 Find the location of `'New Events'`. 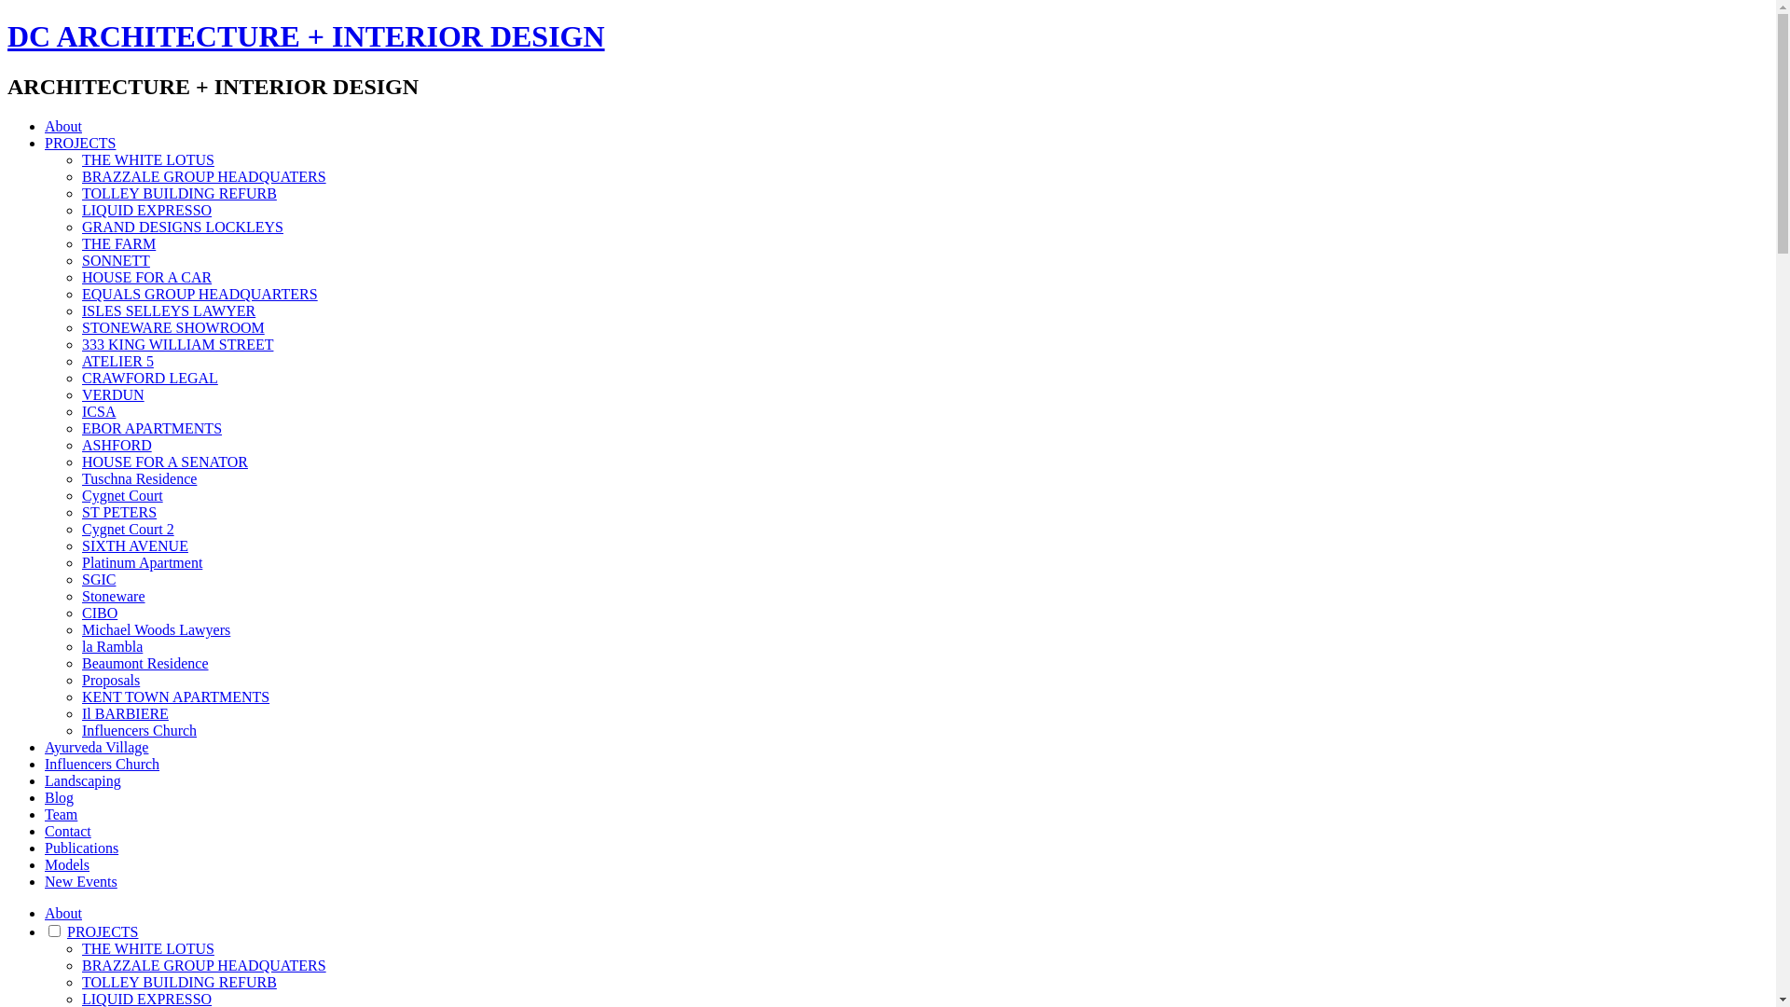

'New Events' is located at coordinates (79, 881).